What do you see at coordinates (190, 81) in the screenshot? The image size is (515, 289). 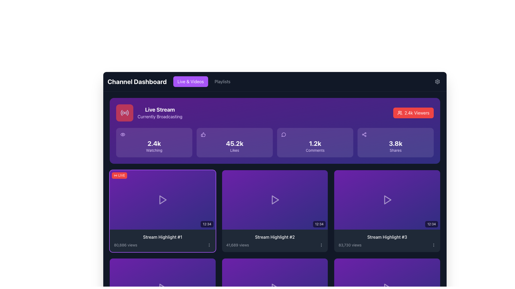 I see `the 'Live & Videos' button` at bounding box center [190, 81].